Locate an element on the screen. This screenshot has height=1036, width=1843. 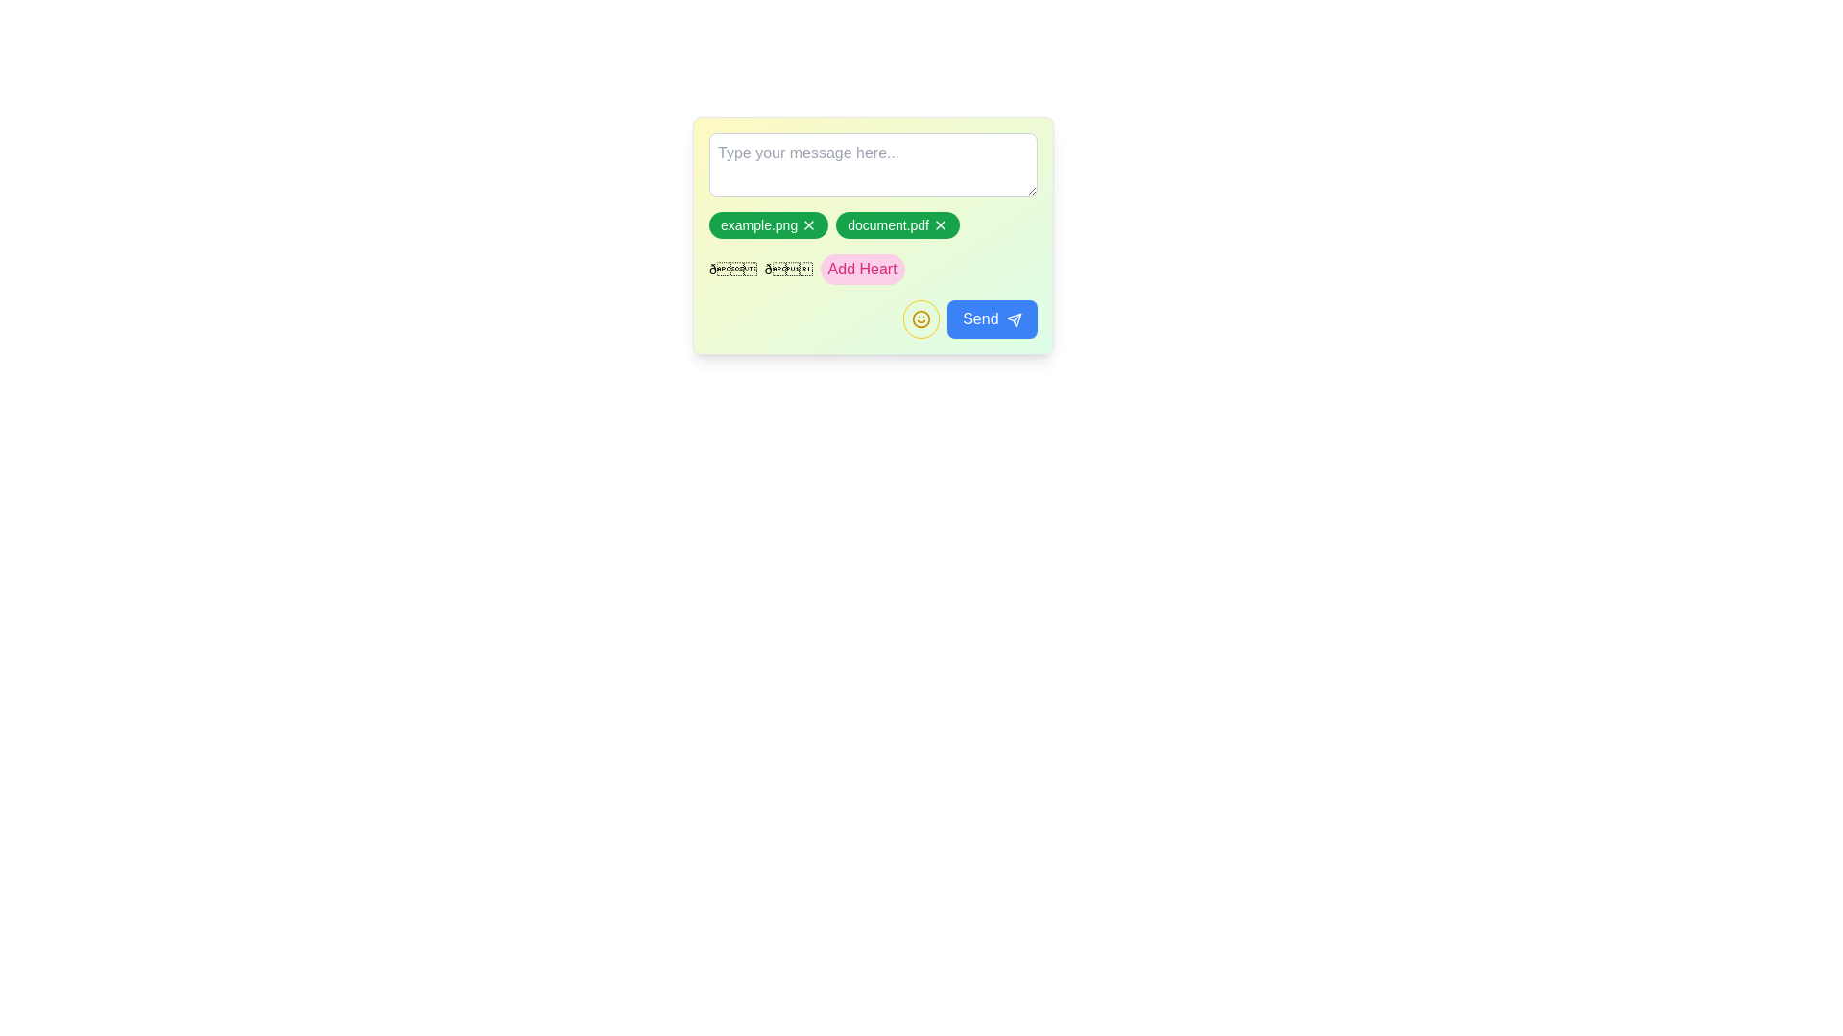
on the rectangular text input field with rounded corners and placeholder text 'Type your message here...' is located at coordinates (873, 164).